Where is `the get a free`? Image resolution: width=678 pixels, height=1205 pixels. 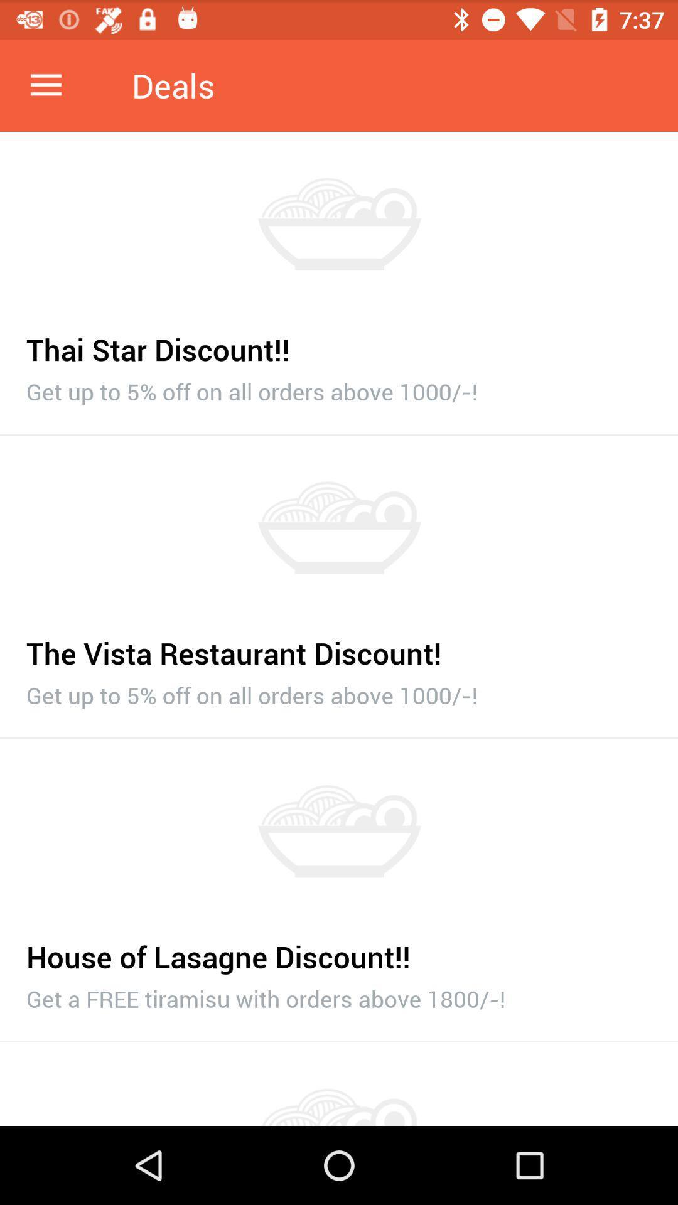 the get a free is located at coordinates (339, 995).